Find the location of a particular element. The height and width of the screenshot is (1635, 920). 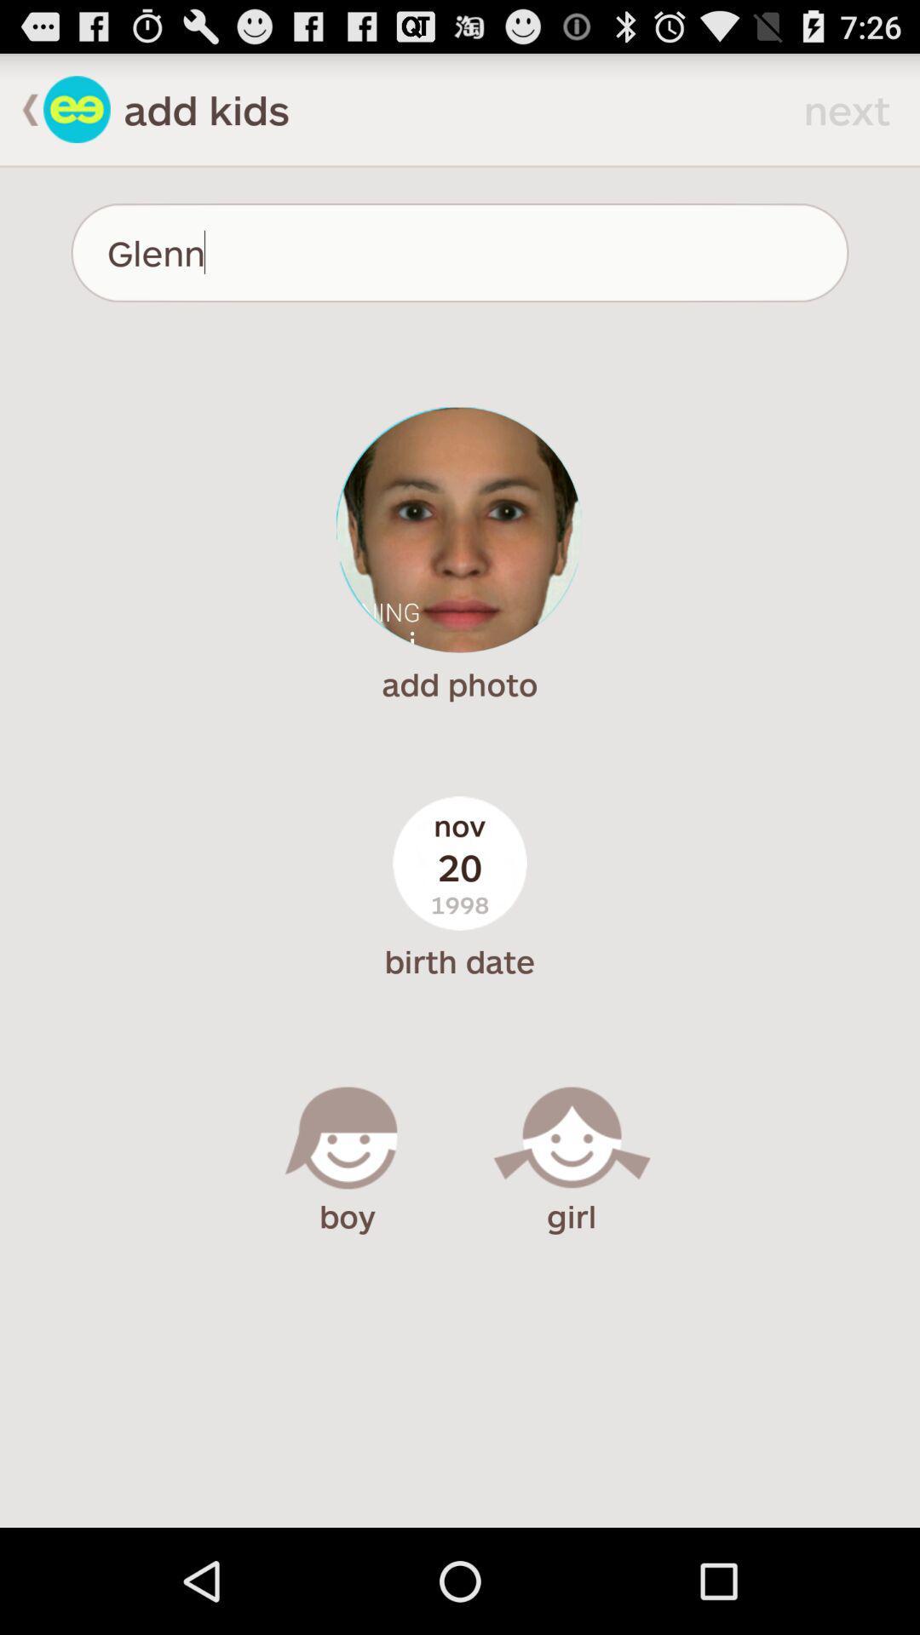

go back is located at coordinates (77, 108).